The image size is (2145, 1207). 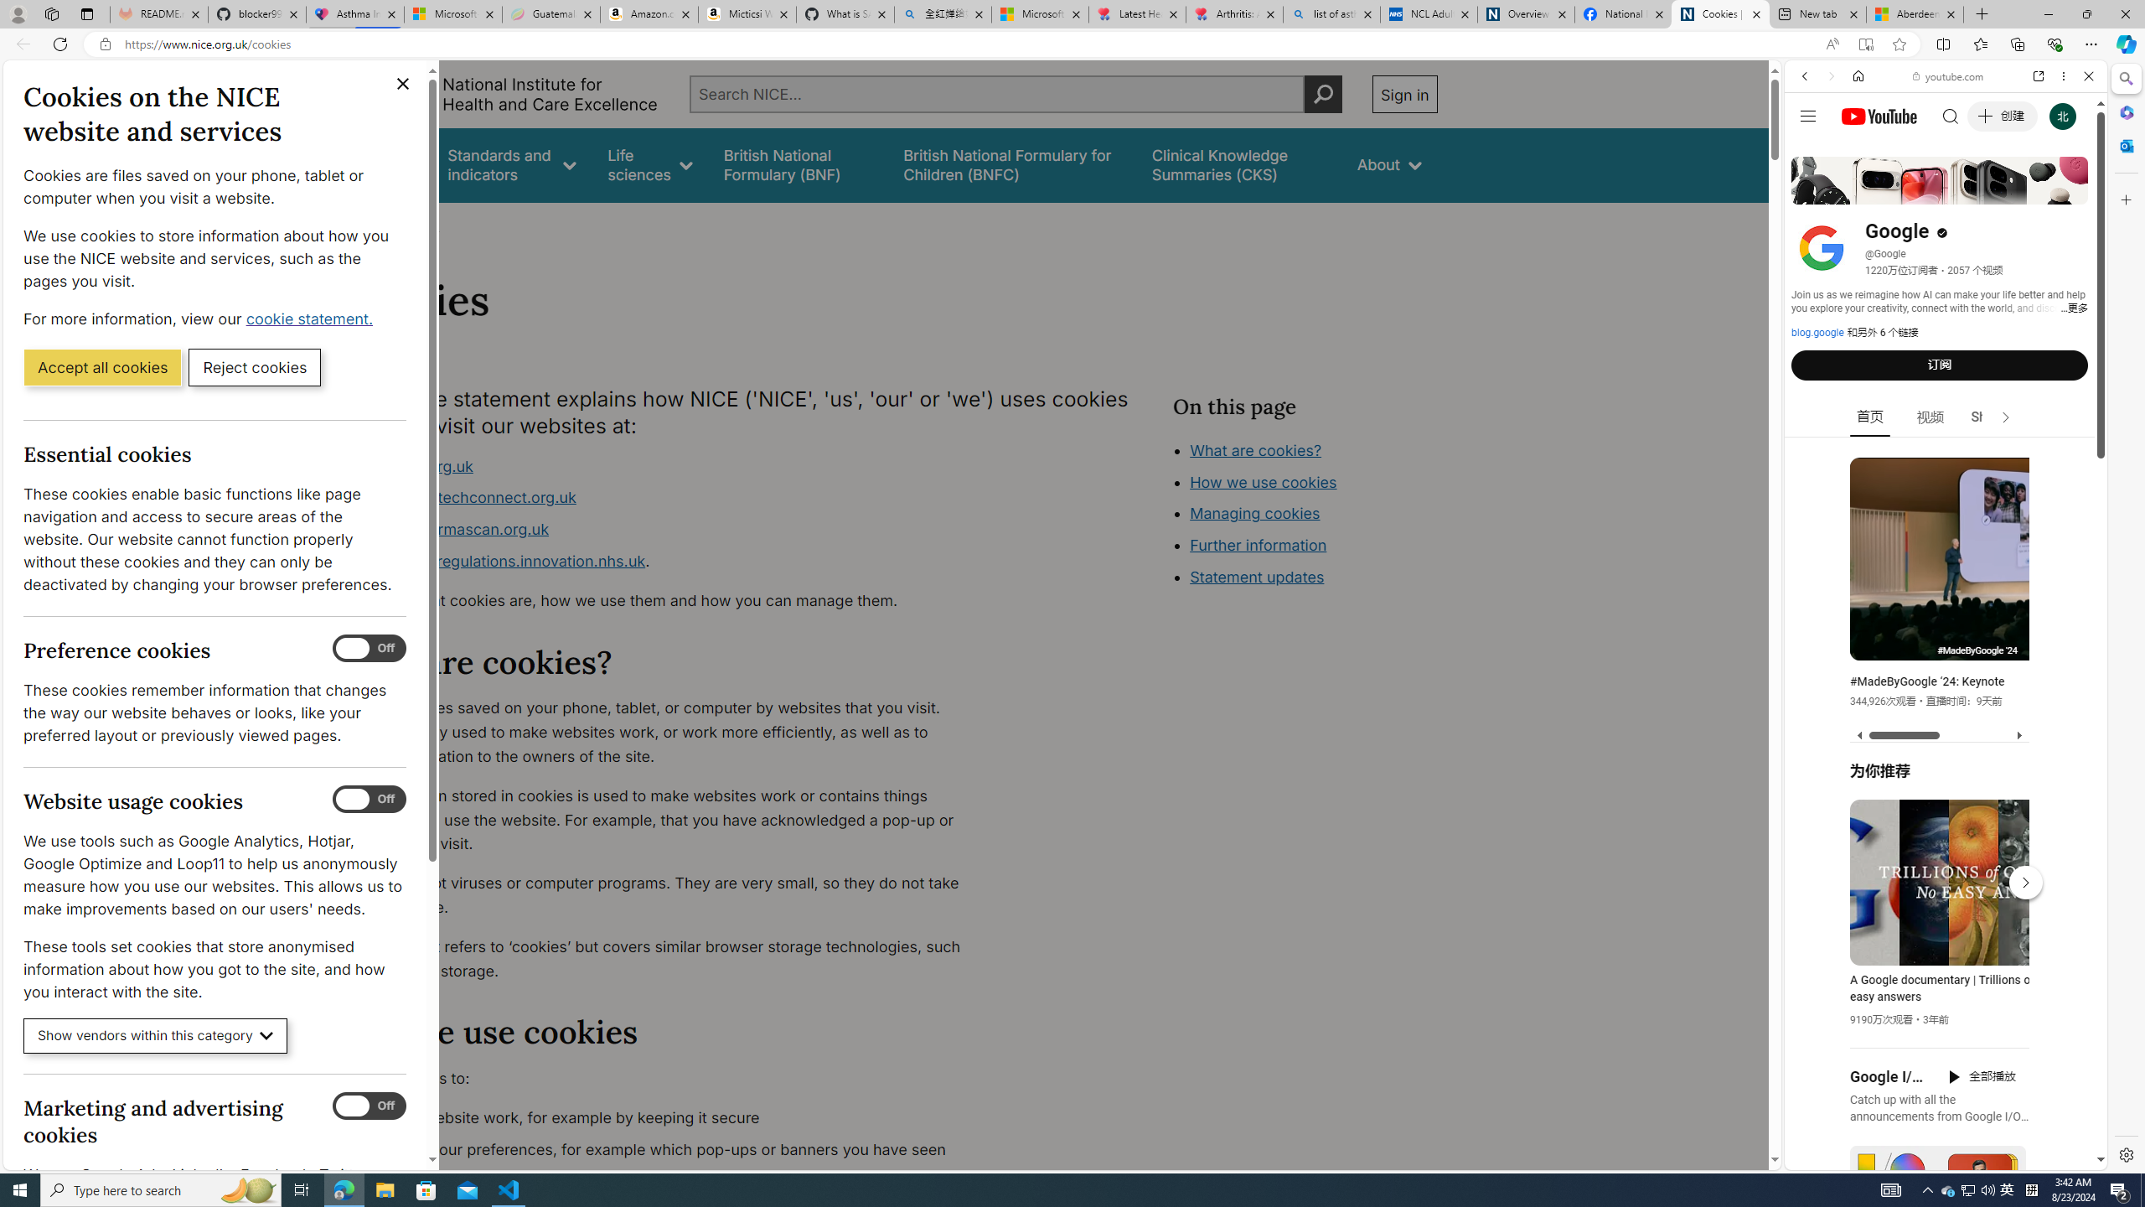 What do you see at coordinates (1915, 13) in the screenshot?
I see `'Aberdeen, Hong Kong SAR hourly forecast | Microsoft Weather'` at bounding box center [1915, 13].